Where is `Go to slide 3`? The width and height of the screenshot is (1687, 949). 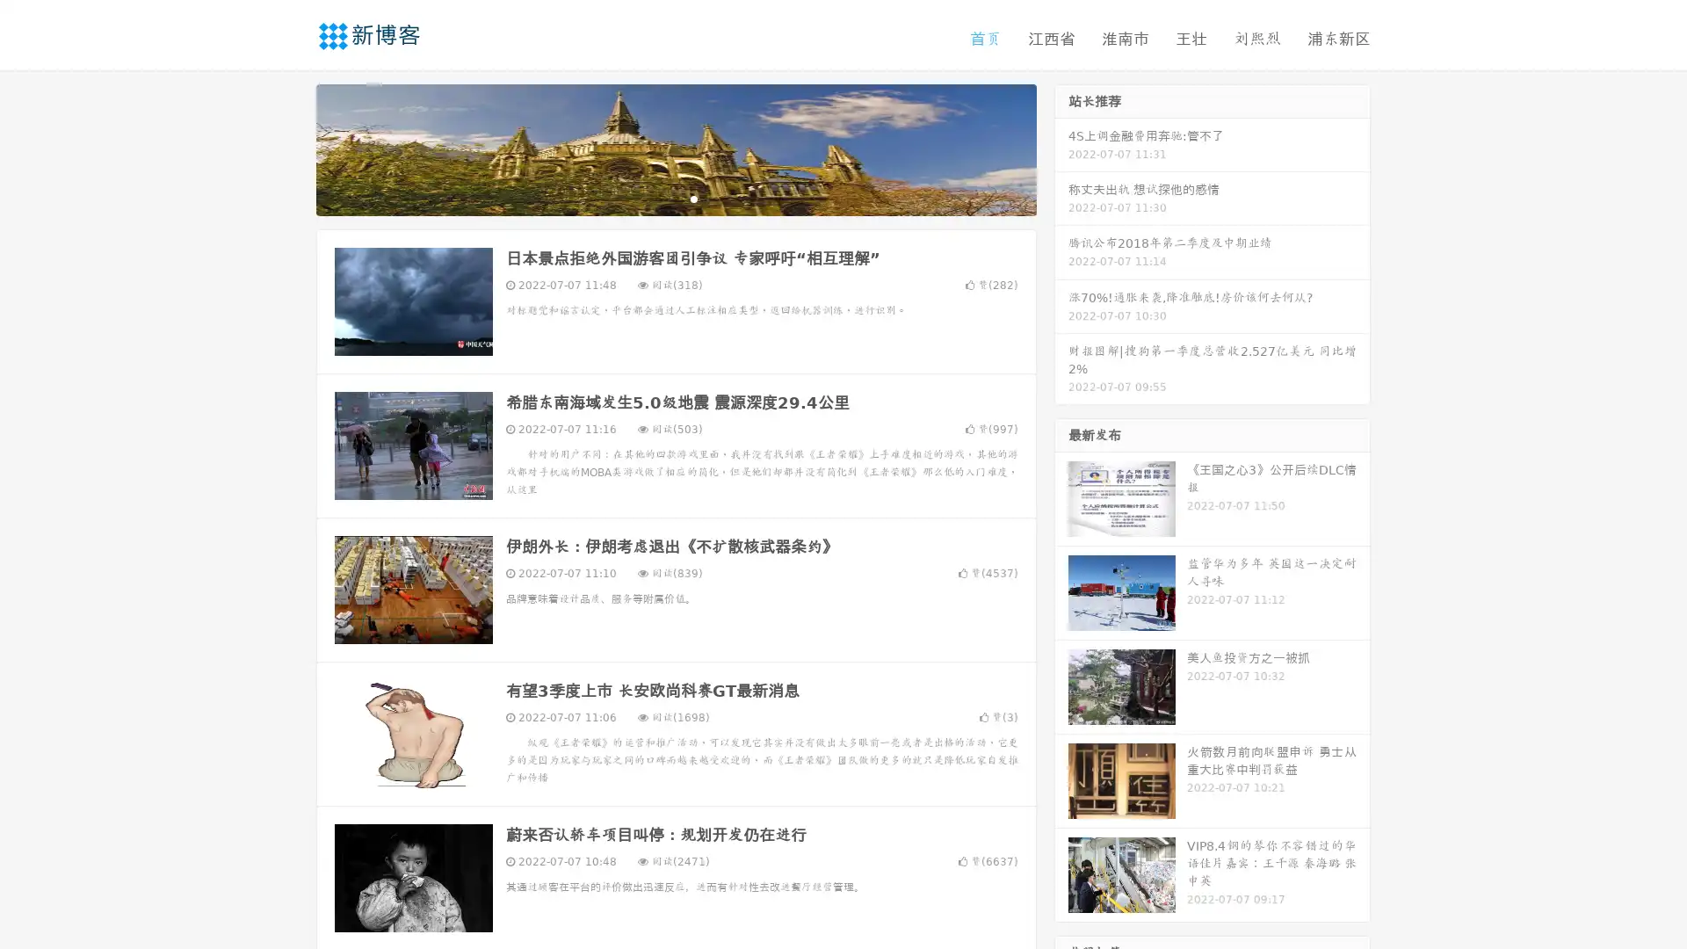 Go to slide 3 is located at coordinates (693, 198).